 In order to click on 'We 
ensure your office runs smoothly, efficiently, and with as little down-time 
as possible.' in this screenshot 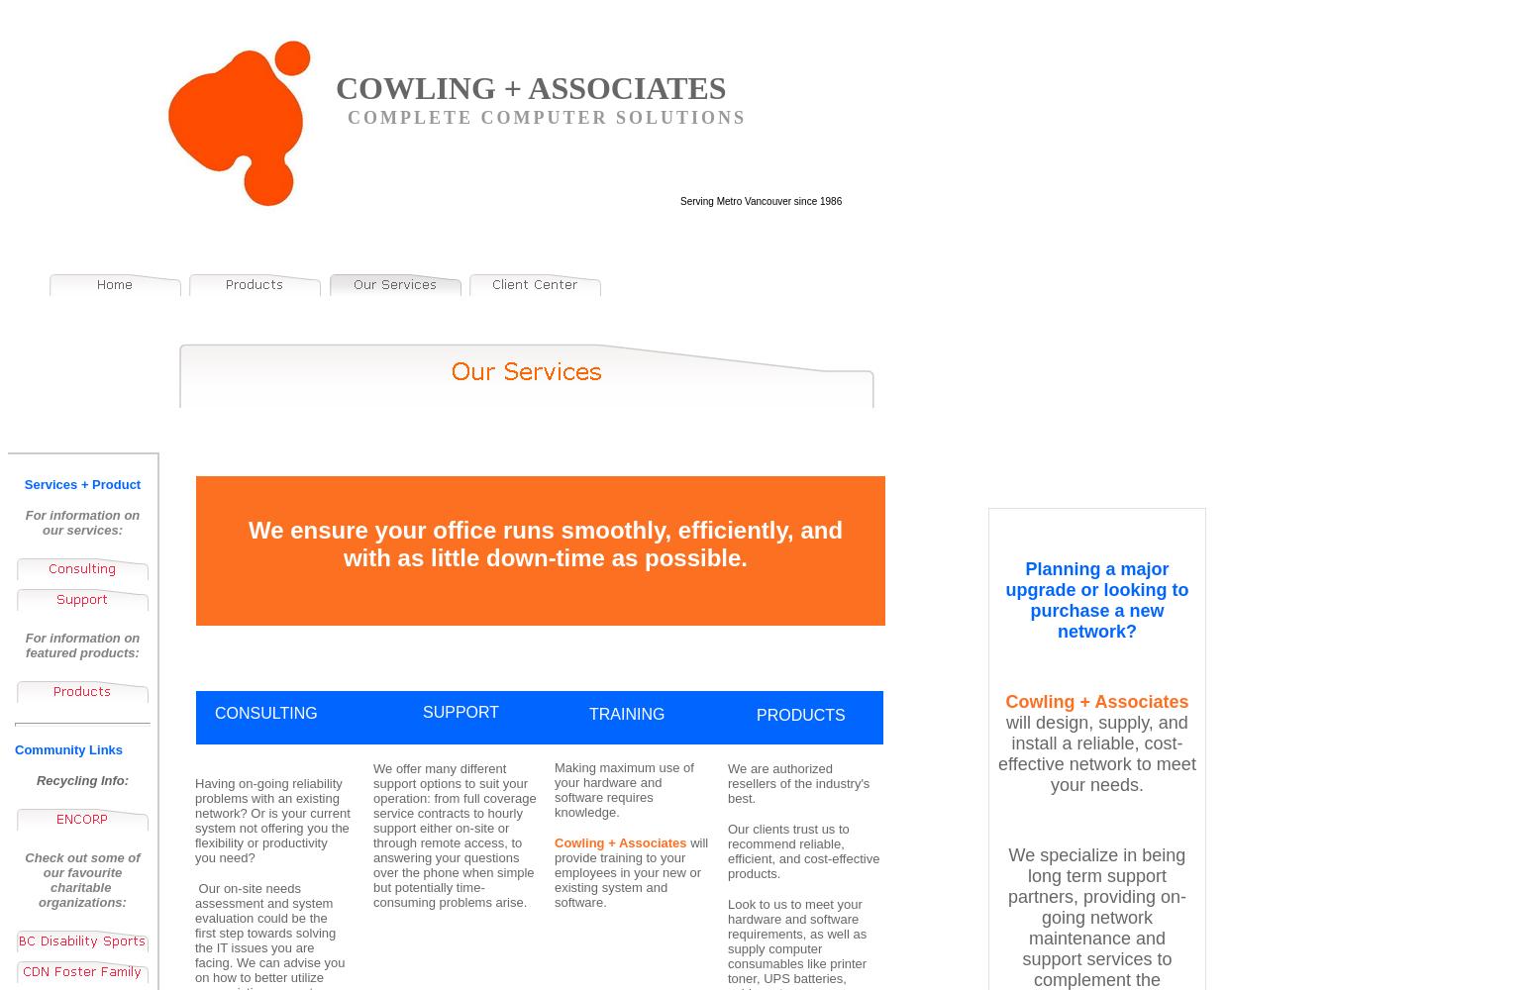, I will do `click(545, 544)`.